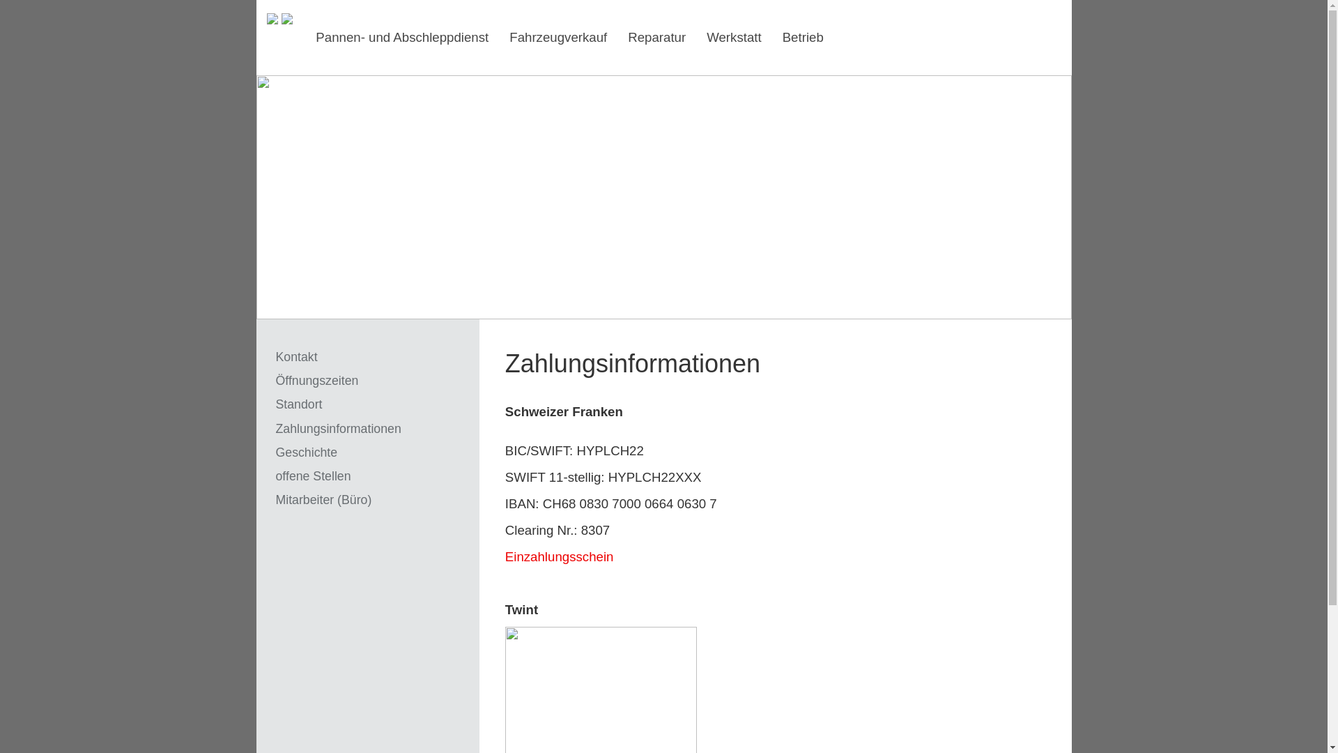  Describe the element at coordinates (559, 556) in the screenshot. I see `'Einzahlungsschein'` at that location.